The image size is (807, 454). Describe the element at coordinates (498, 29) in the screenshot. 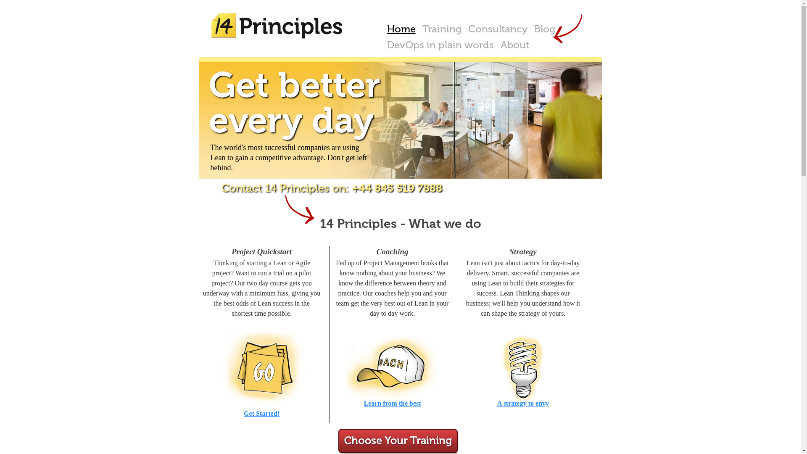

I see `'Consultancy'` at that location.